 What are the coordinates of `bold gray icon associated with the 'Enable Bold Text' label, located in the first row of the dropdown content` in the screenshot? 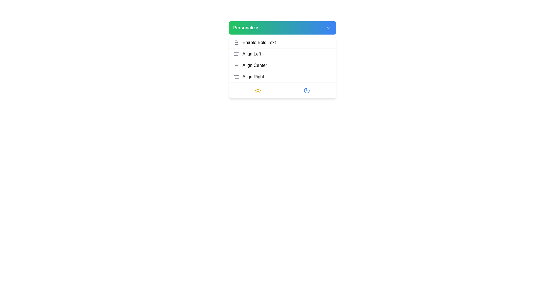 It's located at (236, 42).